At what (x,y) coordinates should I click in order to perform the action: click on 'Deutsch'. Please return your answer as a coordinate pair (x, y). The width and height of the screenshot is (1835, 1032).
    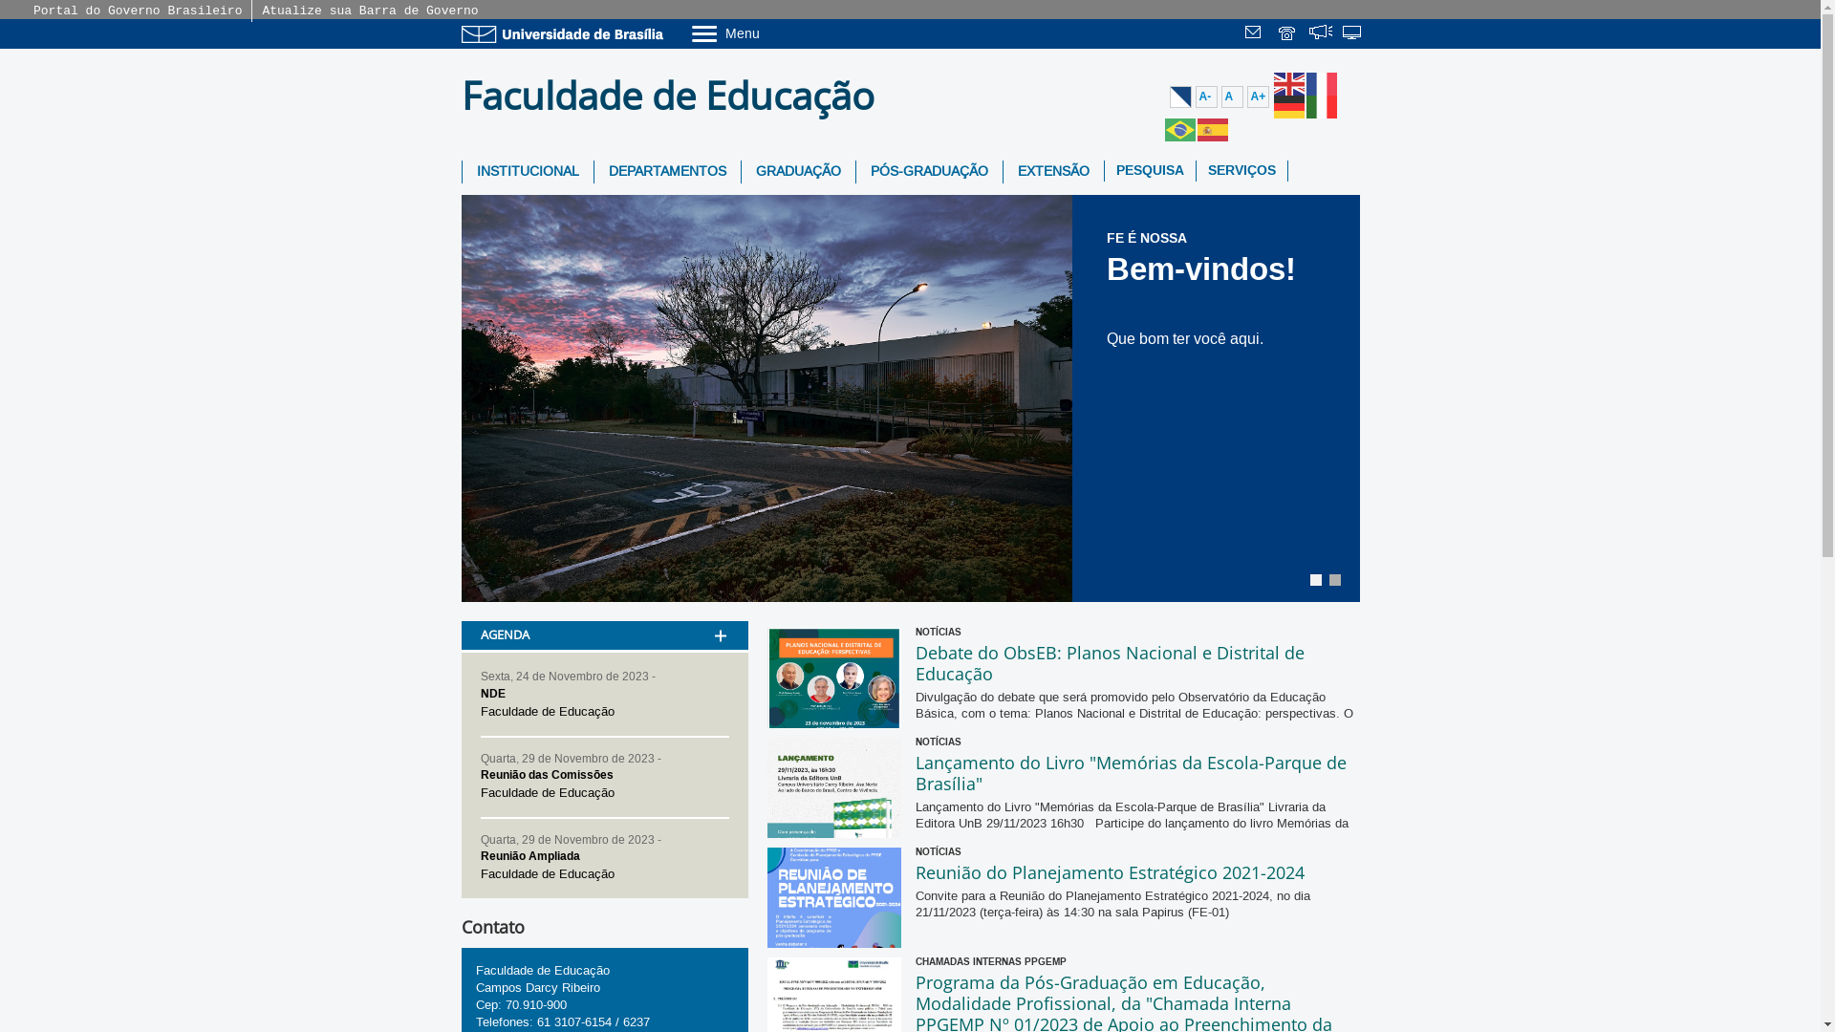
    Looking at the image, I should click on (1288, 106).